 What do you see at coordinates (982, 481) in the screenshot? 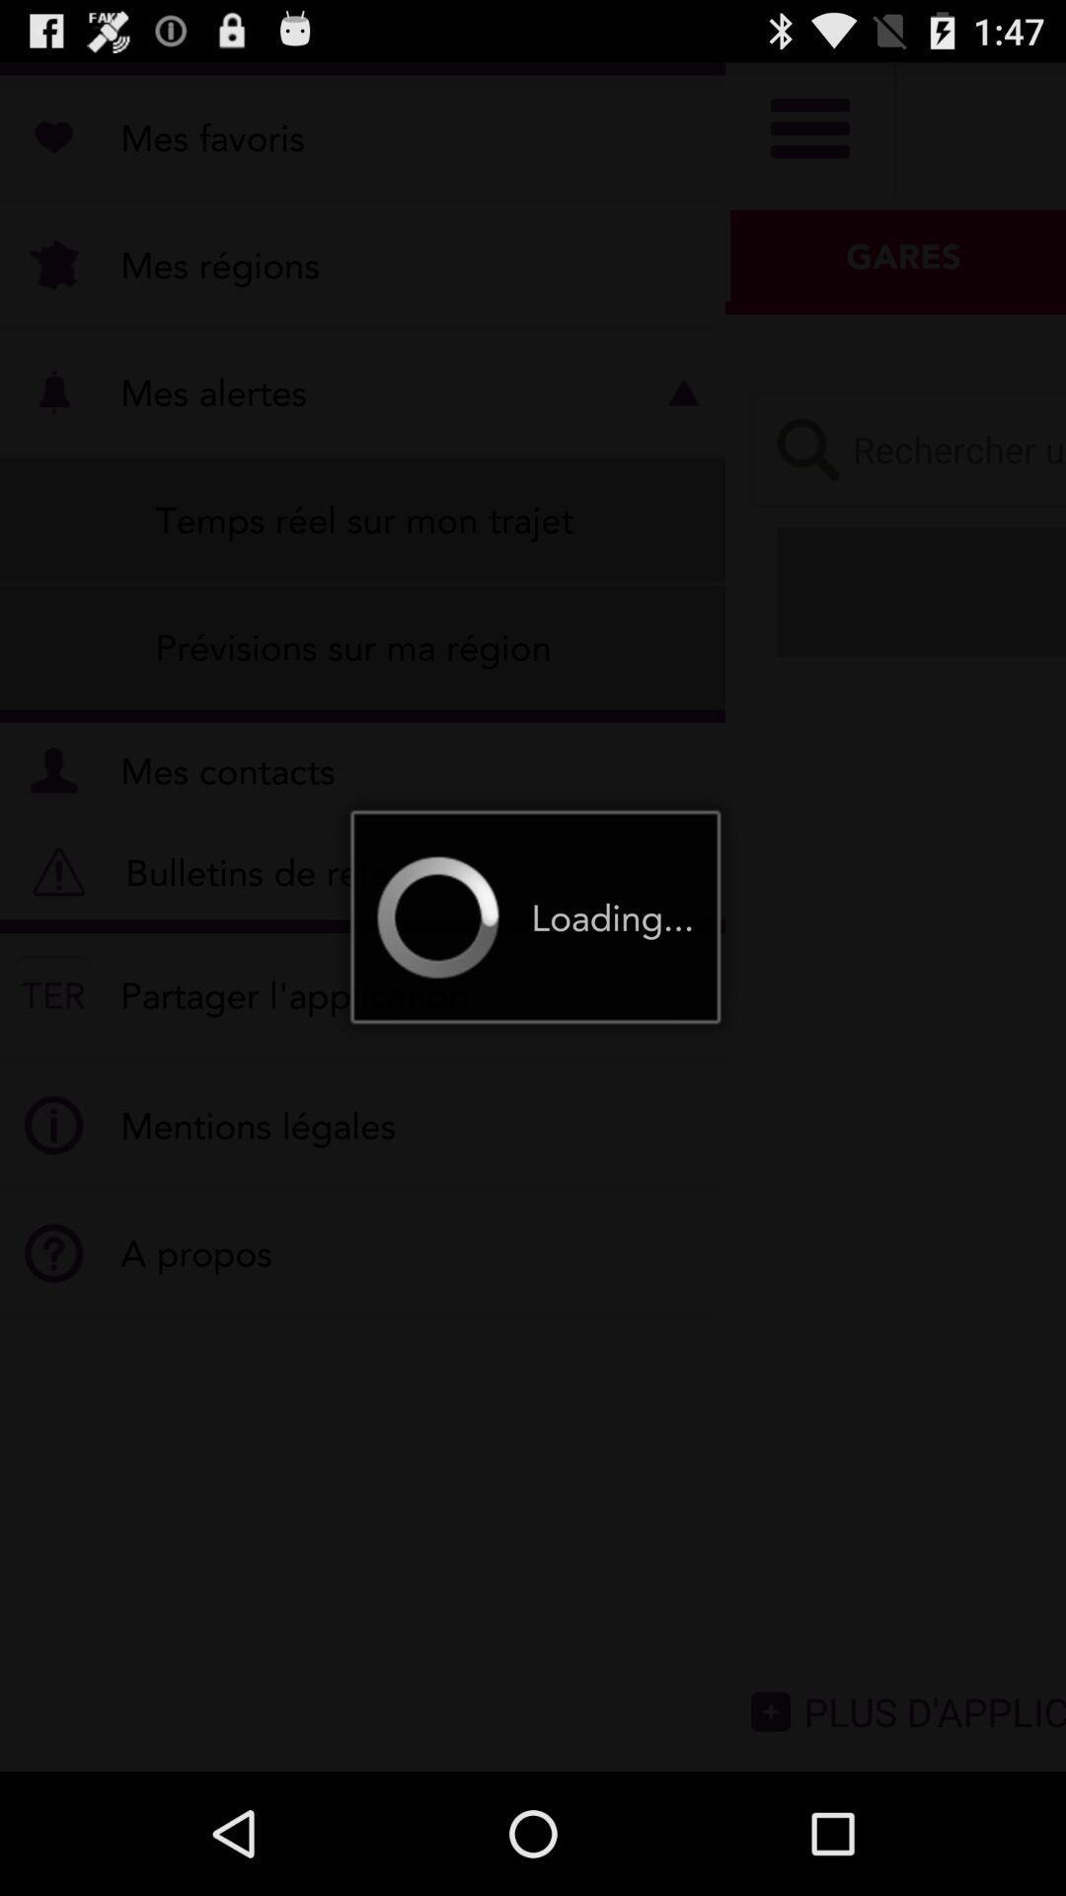
I see `the star icon` at bounding box center [982, 481].